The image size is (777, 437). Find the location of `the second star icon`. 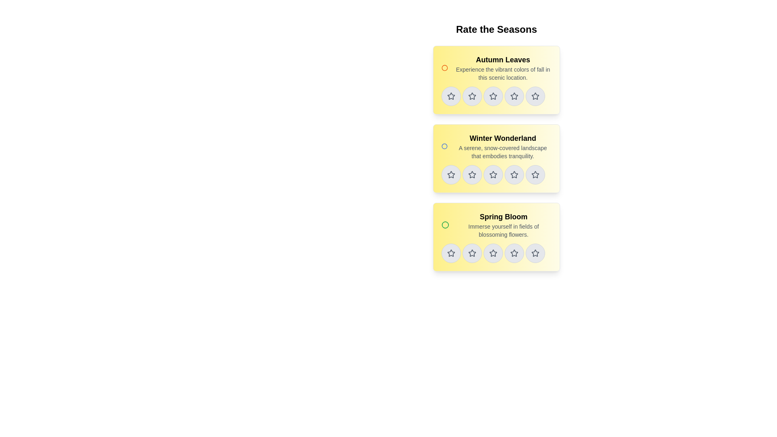

the second star icon is located at coordinates (472, 174).